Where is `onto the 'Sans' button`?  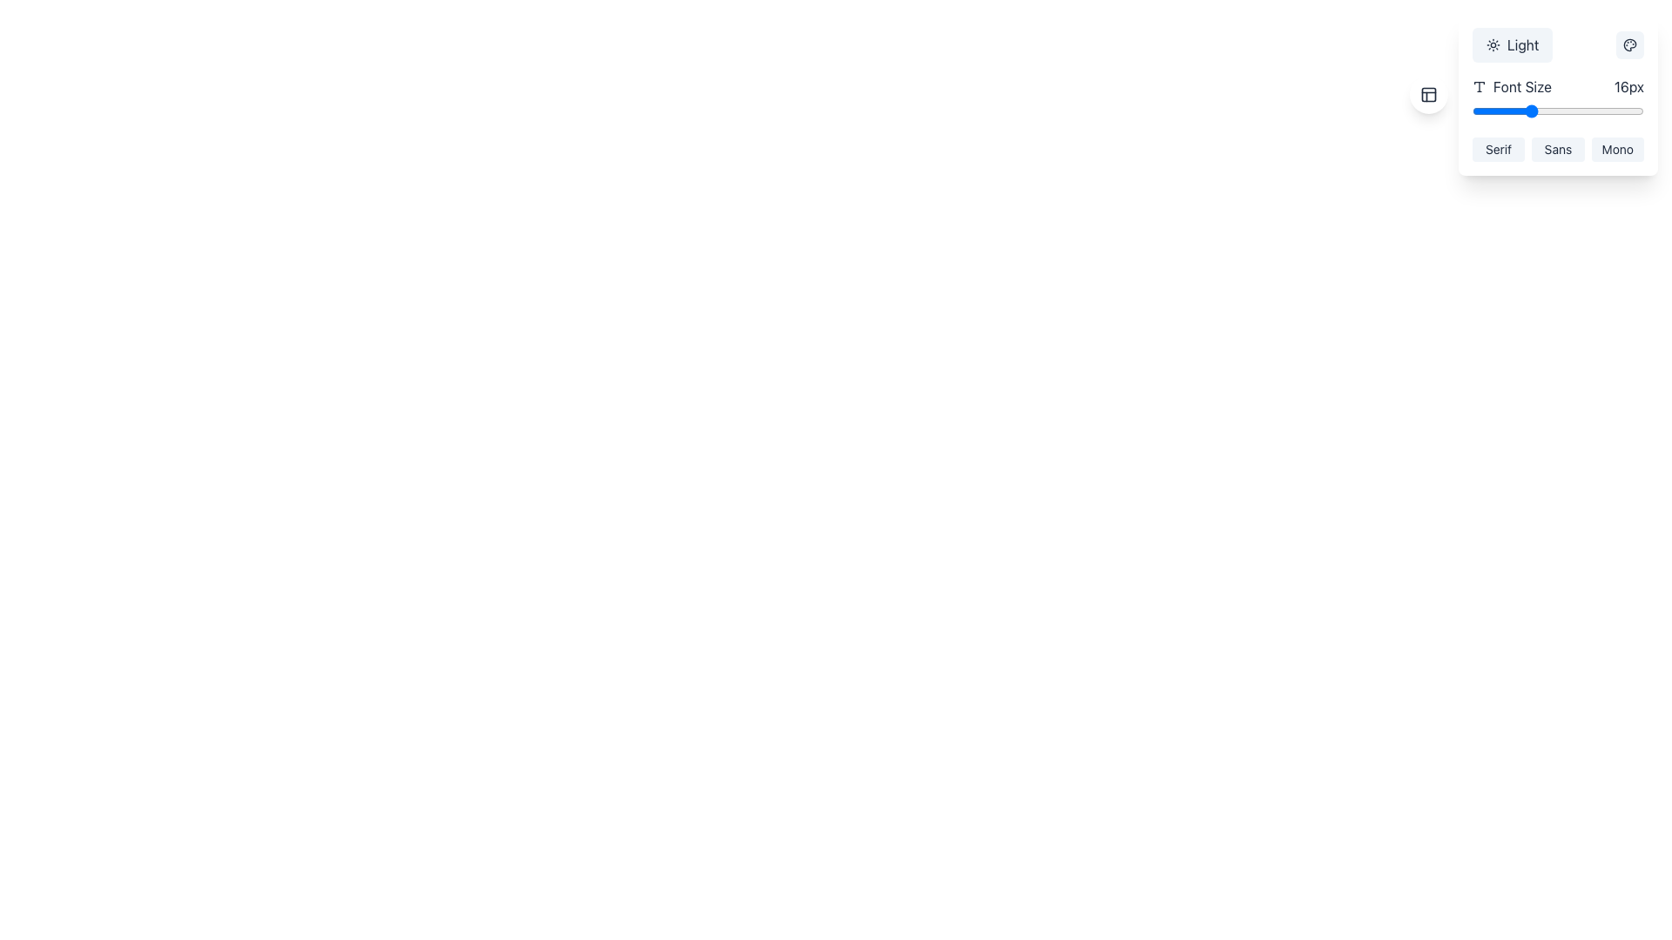 onto the 'Sans' button is located at coordinates (1558, 149).